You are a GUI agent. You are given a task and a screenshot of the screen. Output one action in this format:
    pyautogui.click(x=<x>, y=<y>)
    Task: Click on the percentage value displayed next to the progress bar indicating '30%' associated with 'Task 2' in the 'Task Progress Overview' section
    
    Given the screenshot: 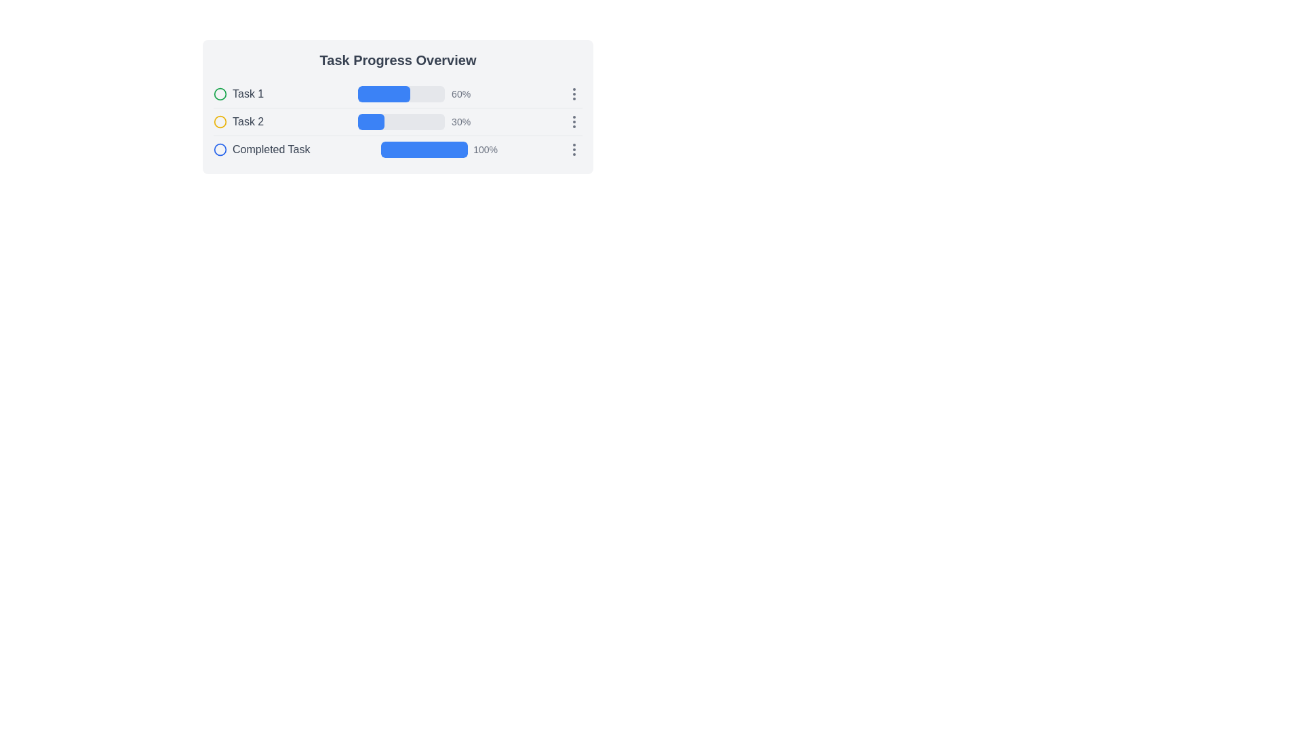 What is the action you would take?
    pyautogui.click(x=414, y=122)
    